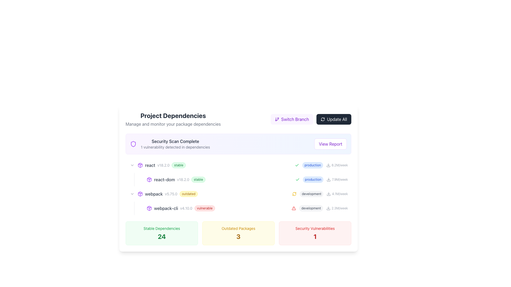 Image resolution: width=511 pixels, height=287 pixels. What do you see at coordinates (328, 179) in the screenshot?
I see `the download icon resembling a downward arrow next to the 'react-dom' dependency for interaction` at bounding box center [328, 179].